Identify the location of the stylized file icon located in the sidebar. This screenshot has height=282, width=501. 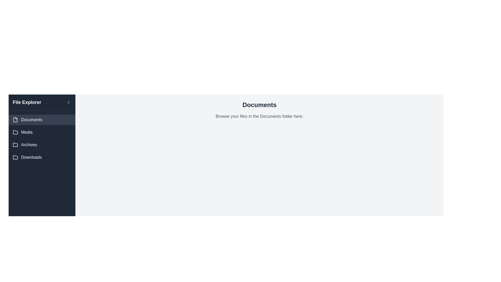
(15, 120).